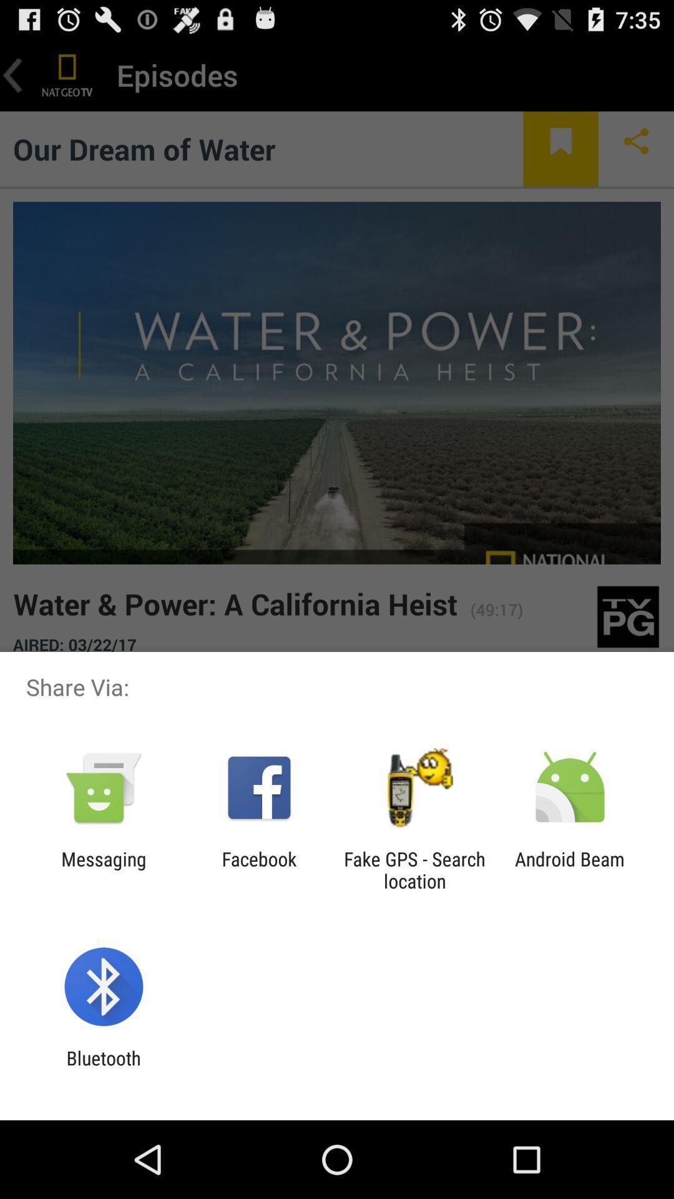  I want to click on the icon to the left of the android beam item, so click(414, 869).